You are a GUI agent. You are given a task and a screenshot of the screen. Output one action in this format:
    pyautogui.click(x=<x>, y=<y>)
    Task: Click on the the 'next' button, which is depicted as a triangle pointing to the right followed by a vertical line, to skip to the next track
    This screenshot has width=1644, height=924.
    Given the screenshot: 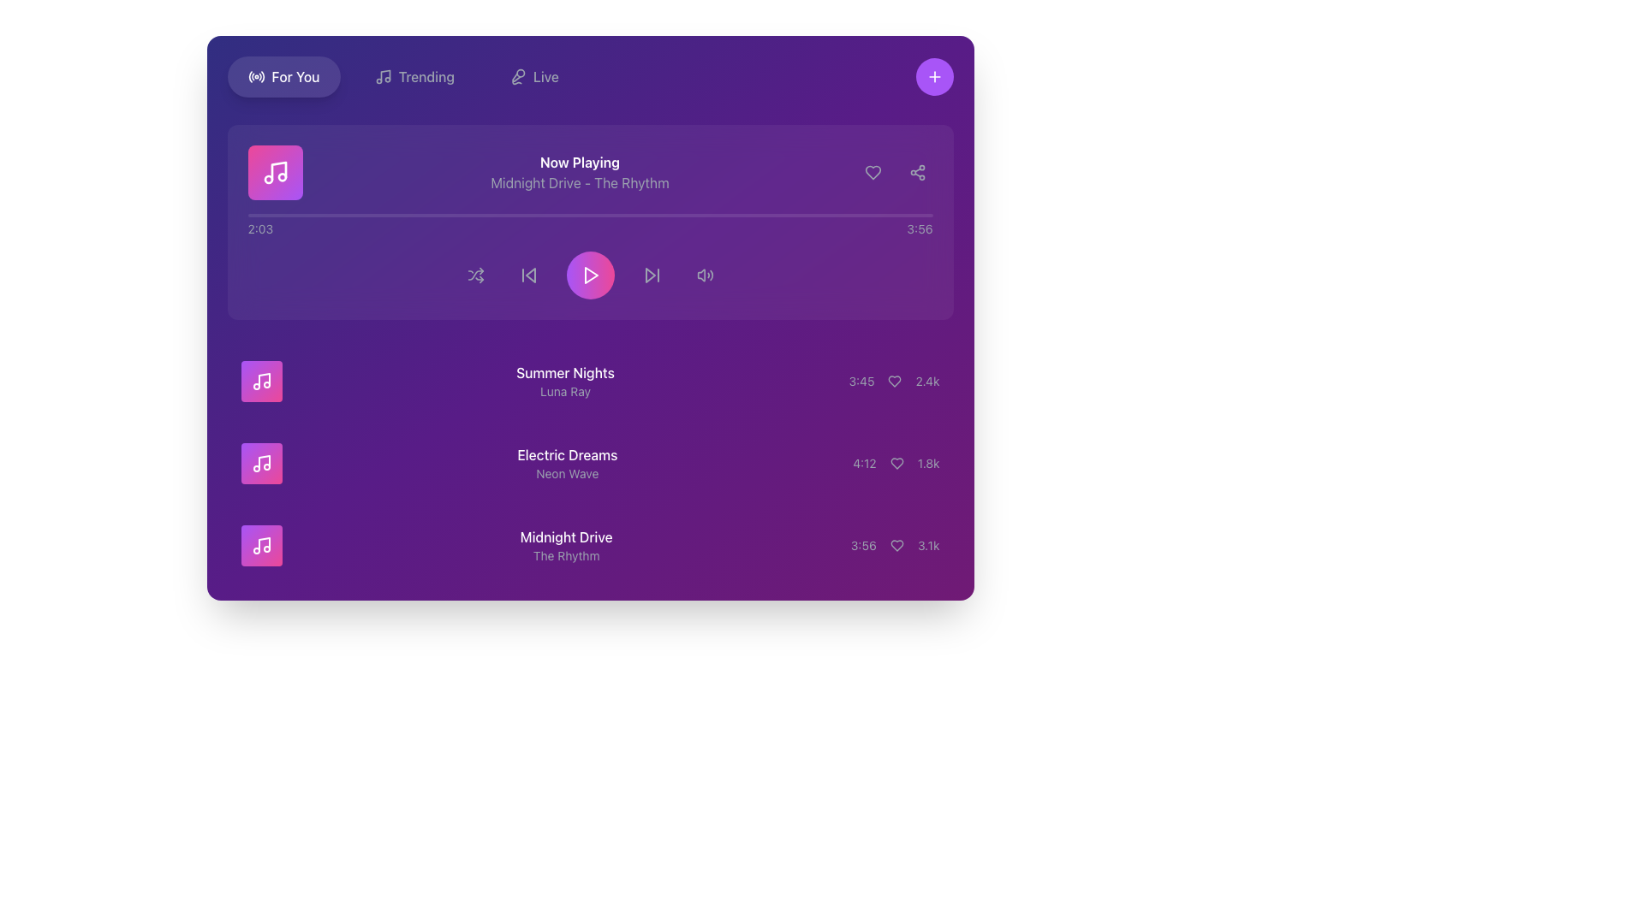 What is the action you would take?
    pyautogui.click(x=651, y=274)
    